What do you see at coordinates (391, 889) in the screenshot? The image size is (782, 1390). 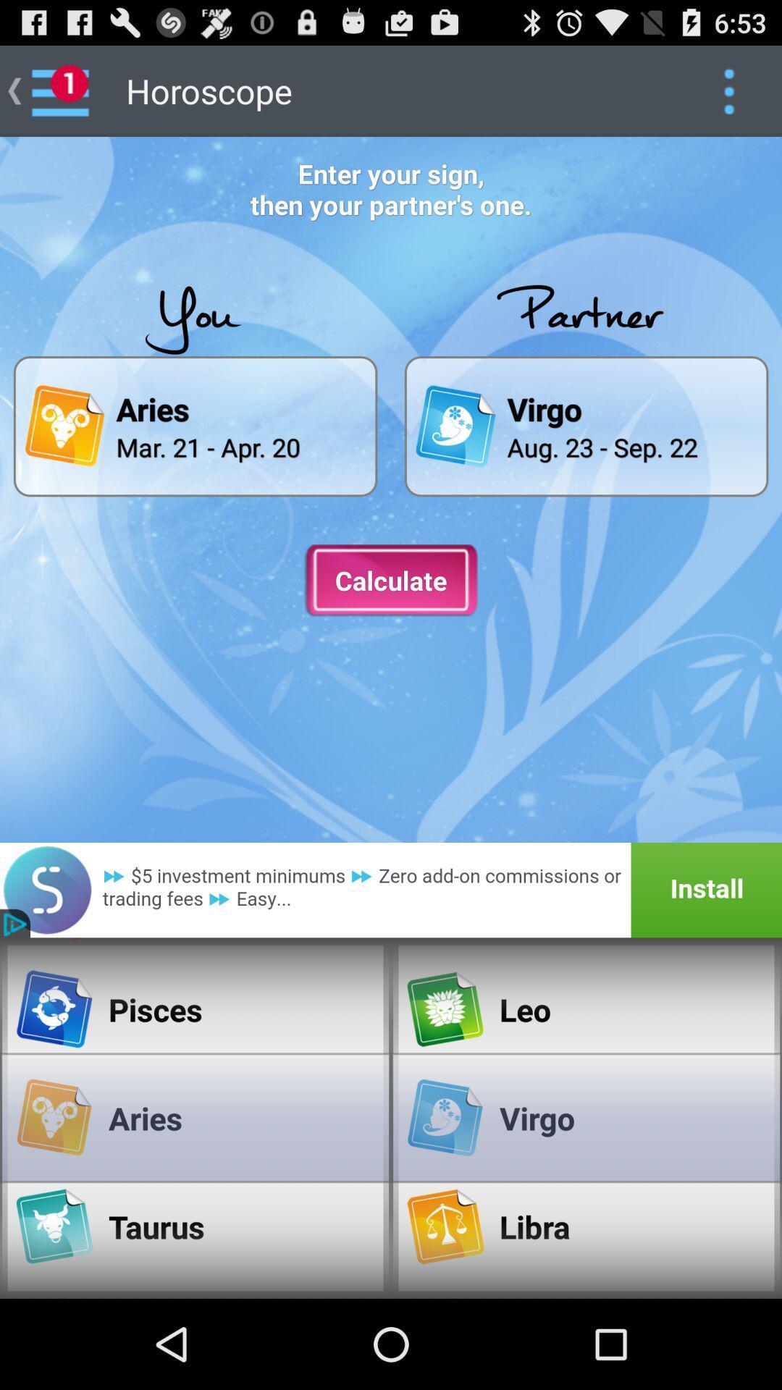 I see `advertisement` at bounding box center [391, 889].